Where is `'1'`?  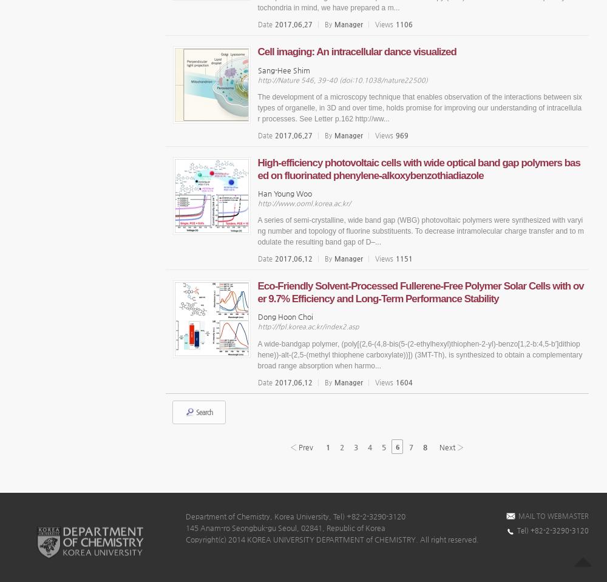
'1' is located at coordinates (328, 446).